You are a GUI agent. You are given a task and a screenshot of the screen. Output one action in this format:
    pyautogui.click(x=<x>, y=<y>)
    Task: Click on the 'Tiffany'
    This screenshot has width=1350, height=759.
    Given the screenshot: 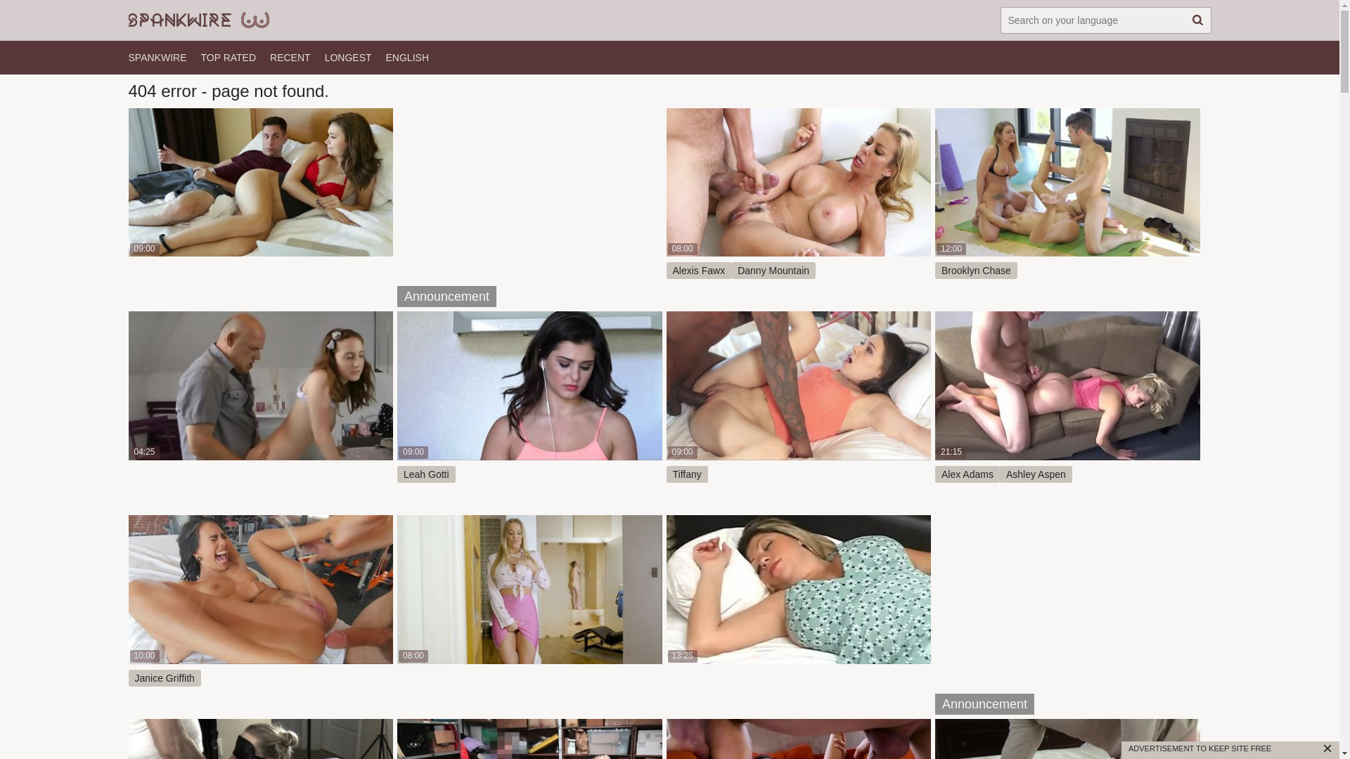 What is the action you would take?
    pyautogui.click(x=687, y=474)
    